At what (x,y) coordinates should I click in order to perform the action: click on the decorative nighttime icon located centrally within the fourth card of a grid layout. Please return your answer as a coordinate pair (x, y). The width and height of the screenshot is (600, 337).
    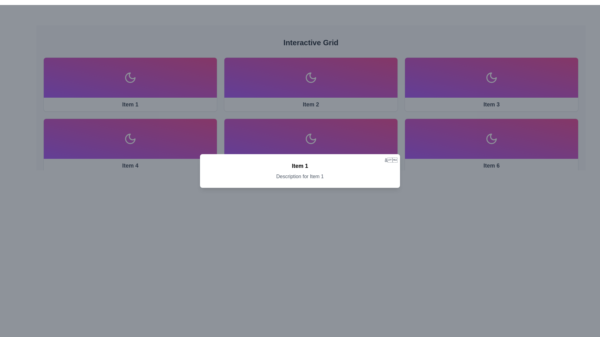
    Looking at the image, I should click on (311, 138).